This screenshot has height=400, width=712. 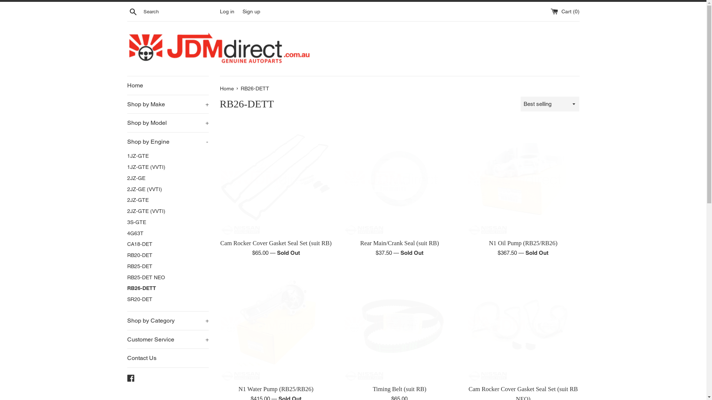 What do you see at coordinates (167, 340) in the screenshot?
I see `'Customer Service` at bounding box center [167, 340].